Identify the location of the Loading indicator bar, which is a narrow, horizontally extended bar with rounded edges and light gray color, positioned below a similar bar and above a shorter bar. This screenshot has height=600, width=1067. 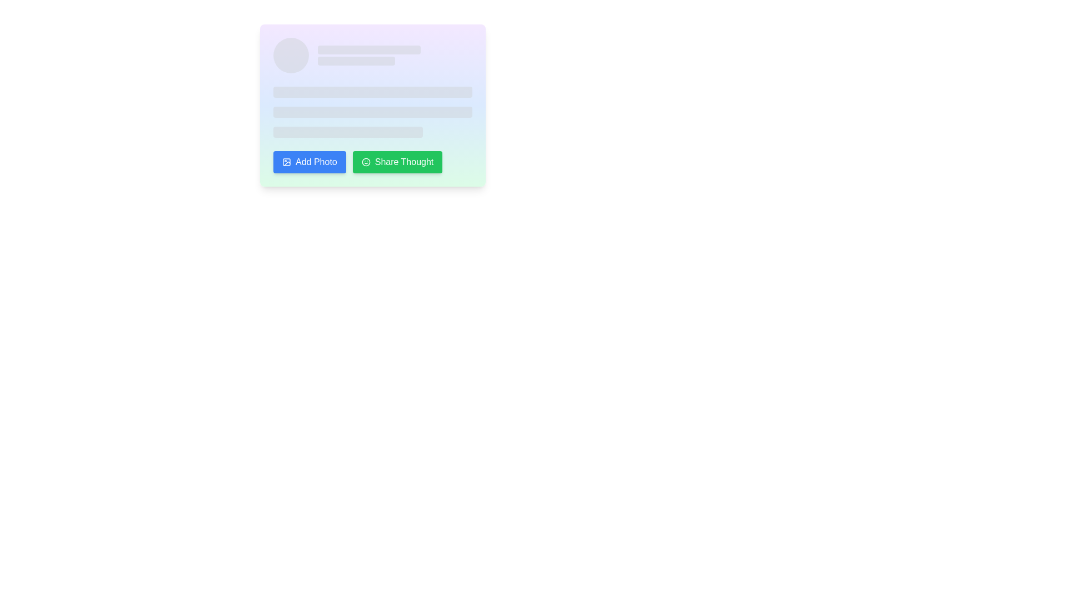
(373, 112).